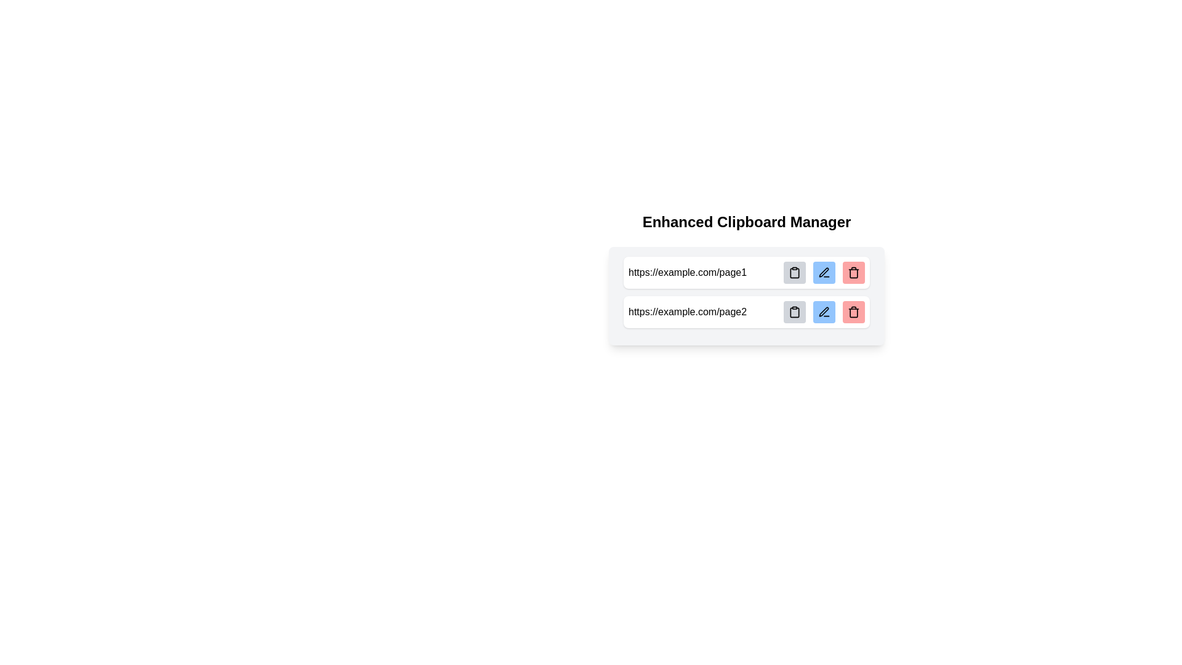 The height and width of the screenshot is (665, 1182). What do you see at coordinates (795, 272) in the screenshot?
I see `the leftmost clipboard icon in the first action button group of the list item for 'https://example.com/page1'` at bounding box center [795, 272].